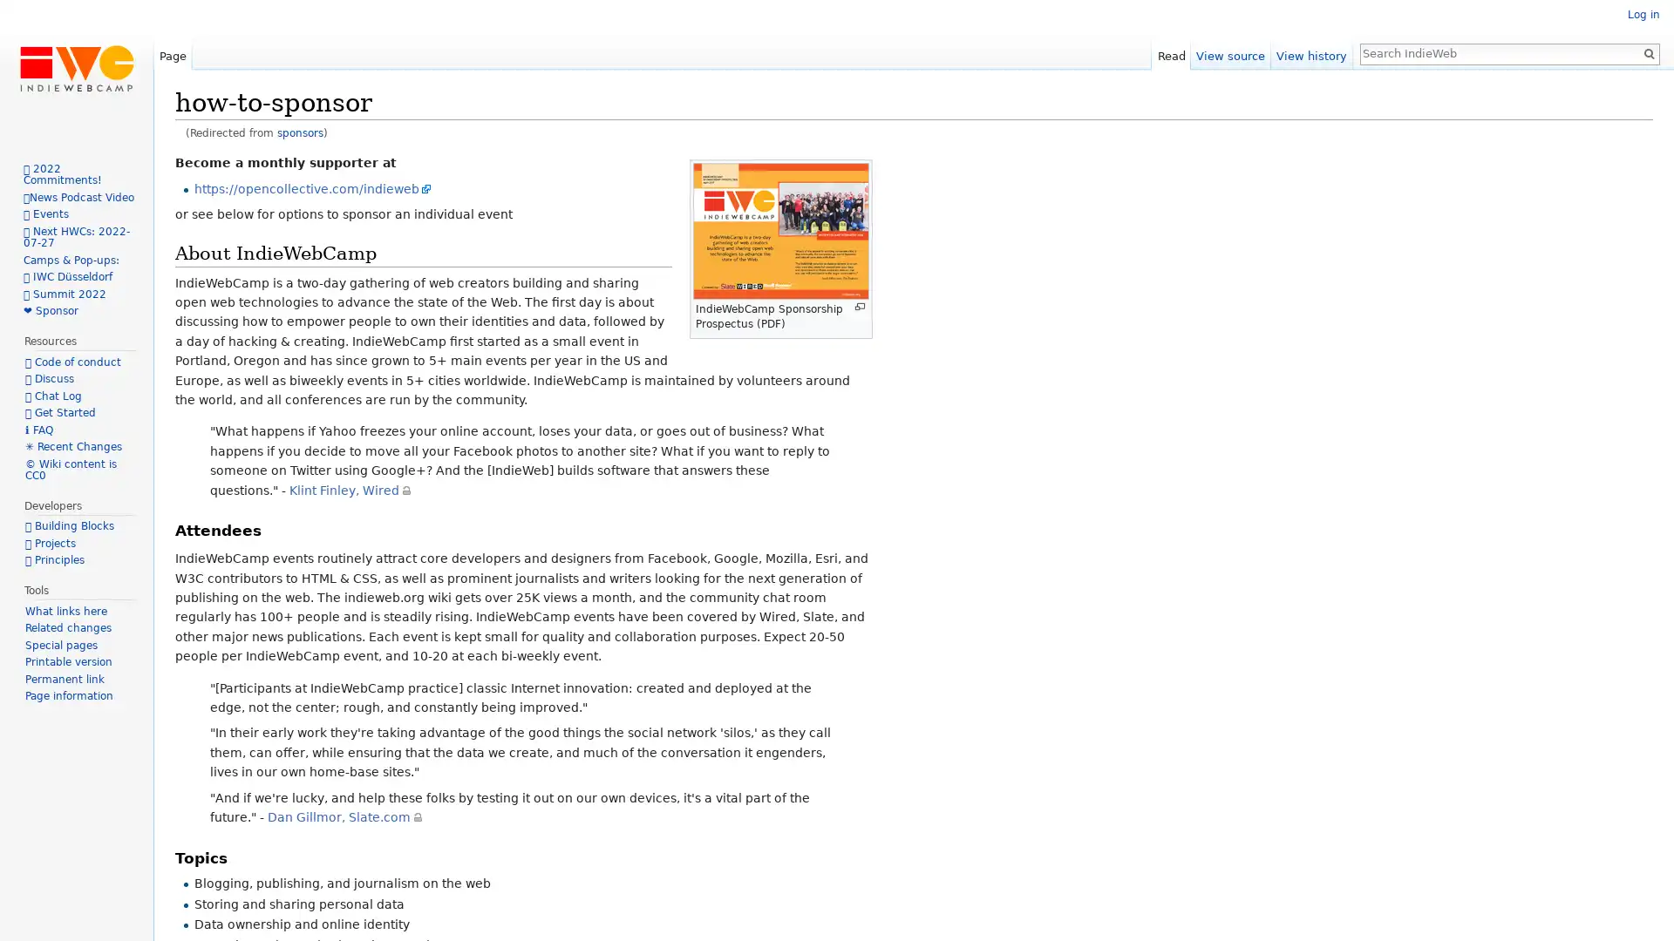 This screenshot has width=1674, height=941. I want to click on Go, so click(1648, 52).